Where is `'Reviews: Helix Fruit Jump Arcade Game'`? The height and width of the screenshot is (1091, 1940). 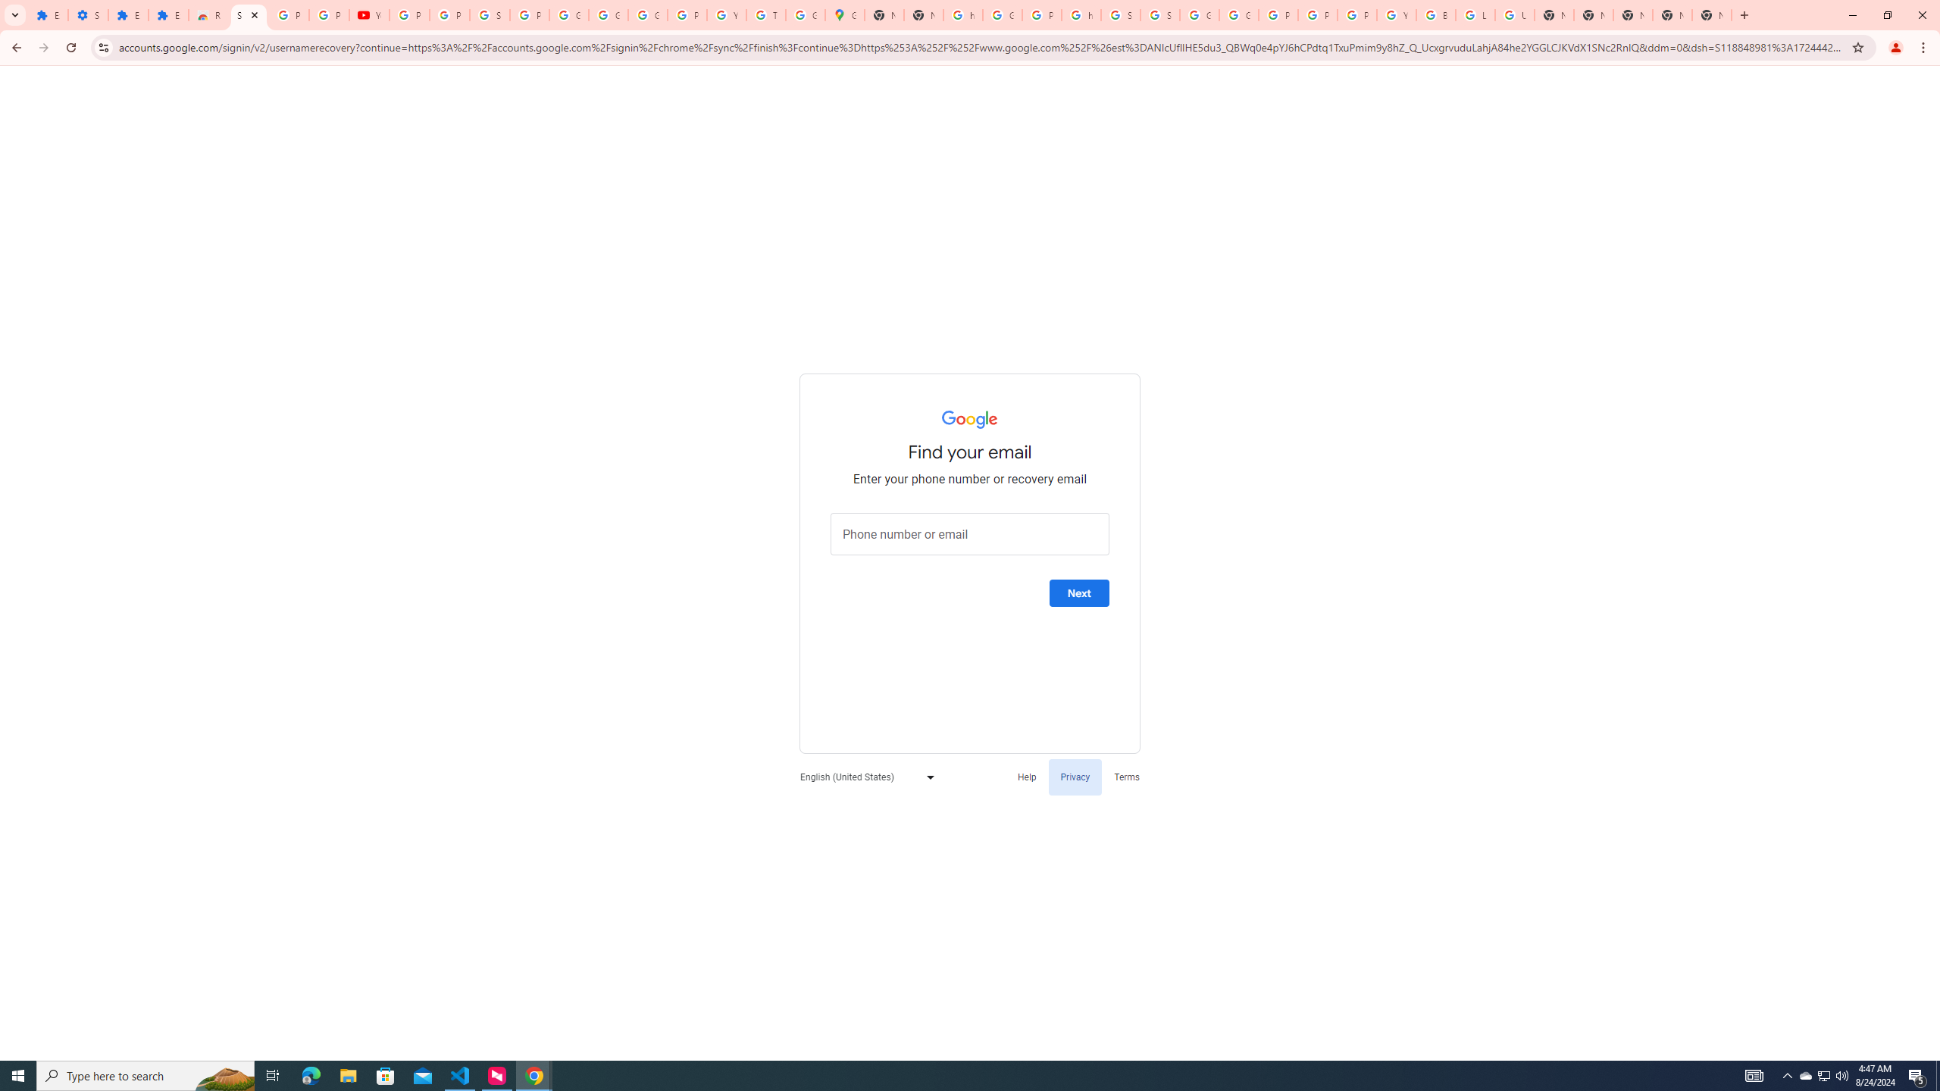
'Reviews: Helix Fruit Jump Arcade Game' is located at coordinates (208, 14).